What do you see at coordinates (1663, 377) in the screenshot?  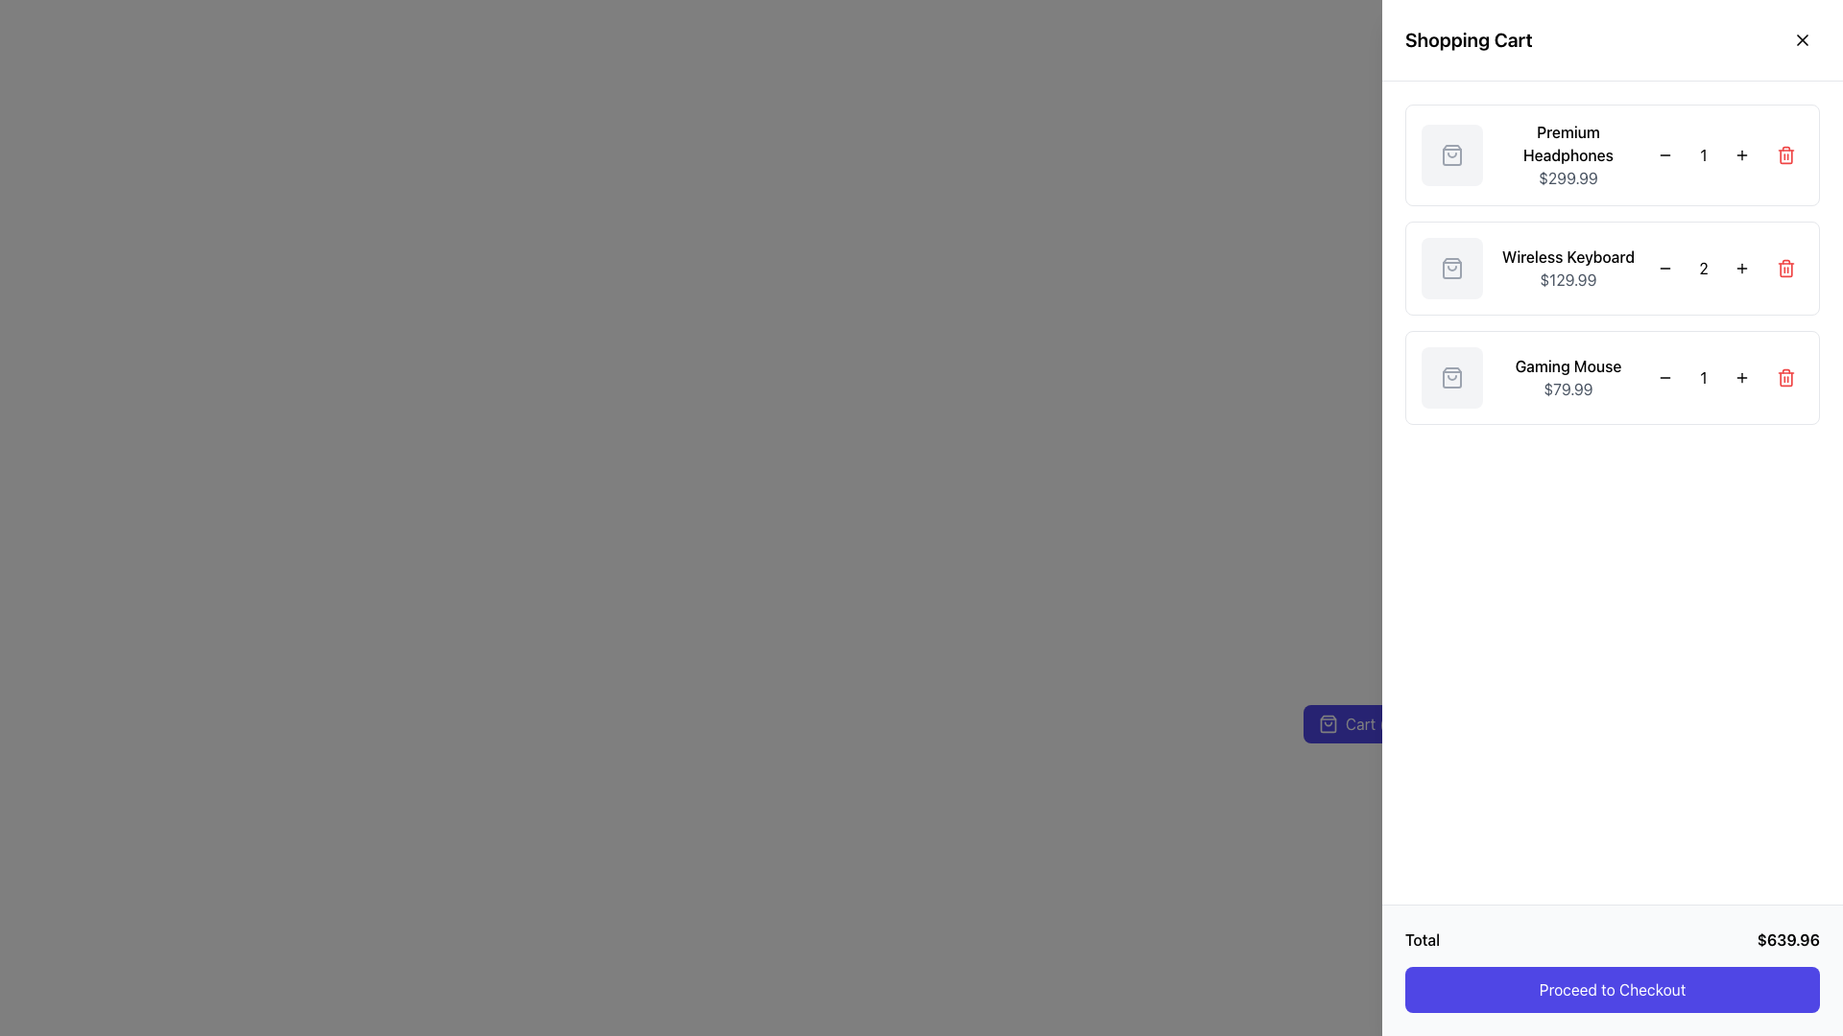 I see `the small circular minus button located next to the quantity label of 'Gaming Mouse' in the shopping cart to decrease the quantity` at bounding box center [1663, 377].